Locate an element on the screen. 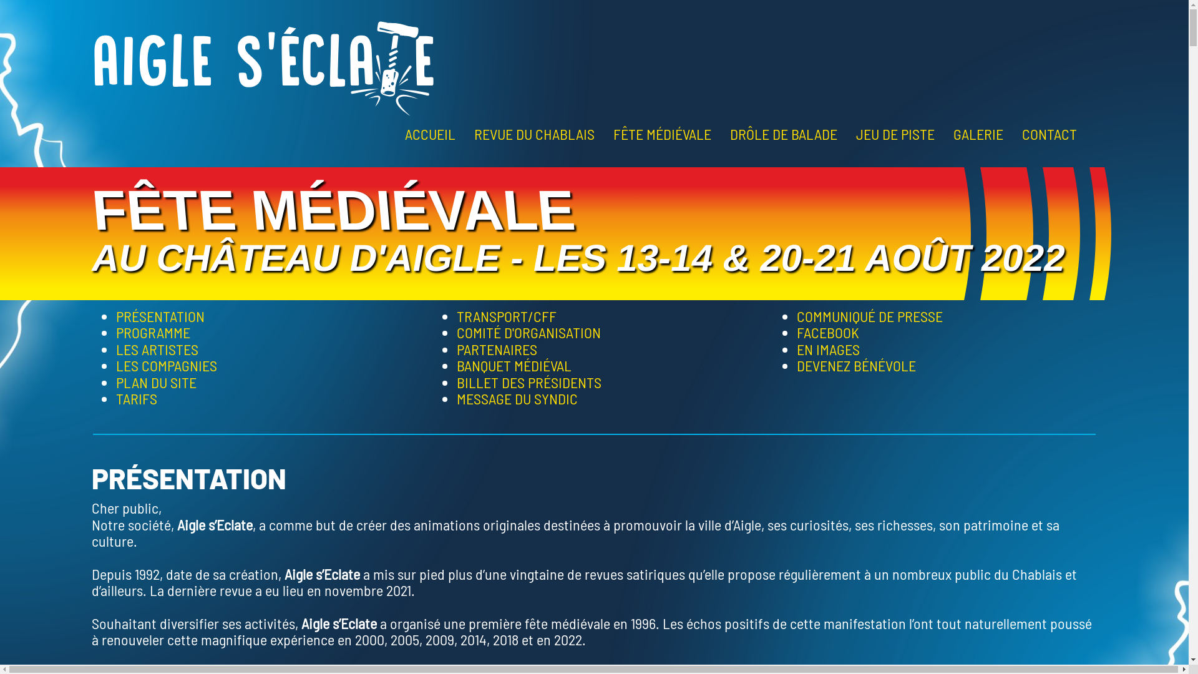 The width and height of the screenshot is (1198, 674). 'JEU DE PISTE' is located at coordinates (895, 134).